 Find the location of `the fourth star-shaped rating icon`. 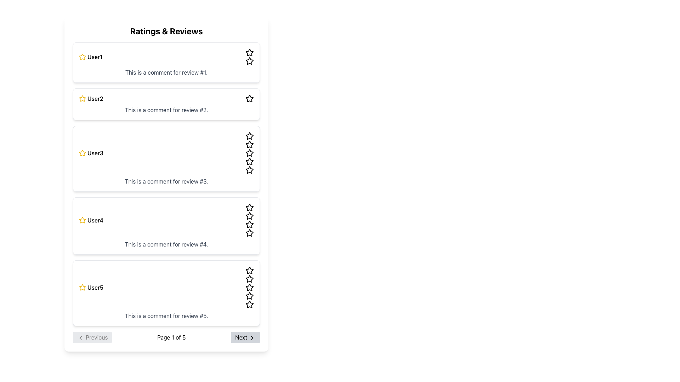

the fourth star-shaped rating icon is located at coordinates (250, 215).